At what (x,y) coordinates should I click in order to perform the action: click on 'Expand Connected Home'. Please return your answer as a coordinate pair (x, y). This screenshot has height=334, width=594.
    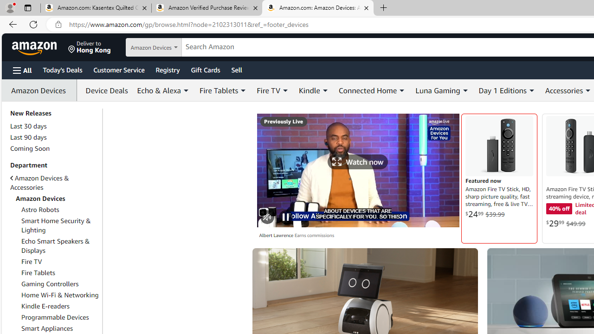
    Looking at the image, I should click on (402, 90).